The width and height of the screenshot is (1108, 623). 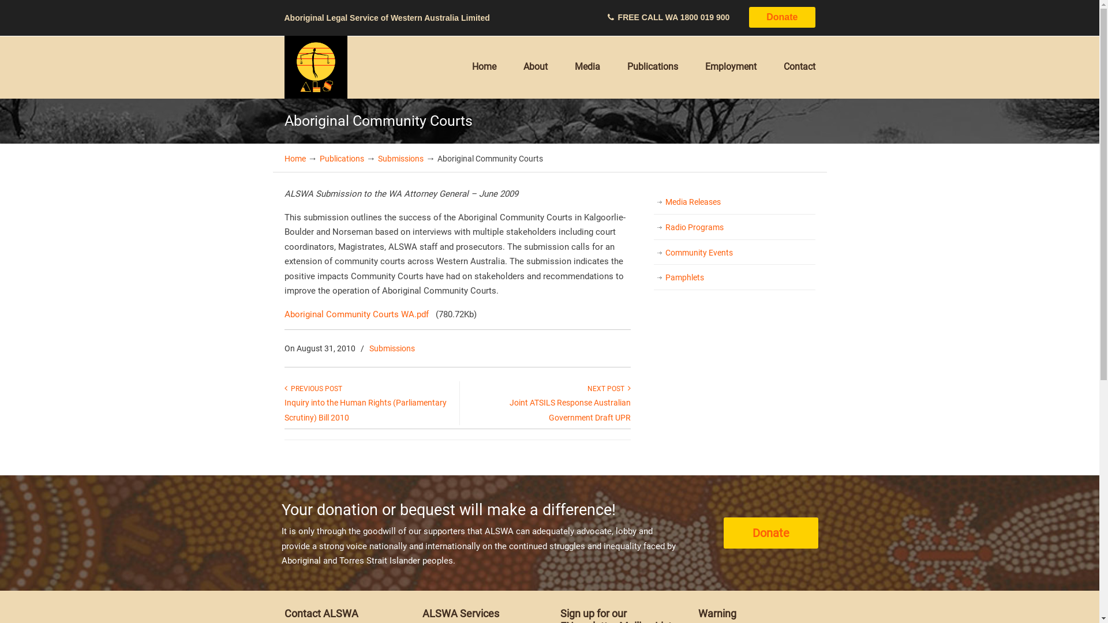 What do you see at coordinates (781, 17) in the screenshot?
I see `'Donate'` at bounding box center [781, 17].